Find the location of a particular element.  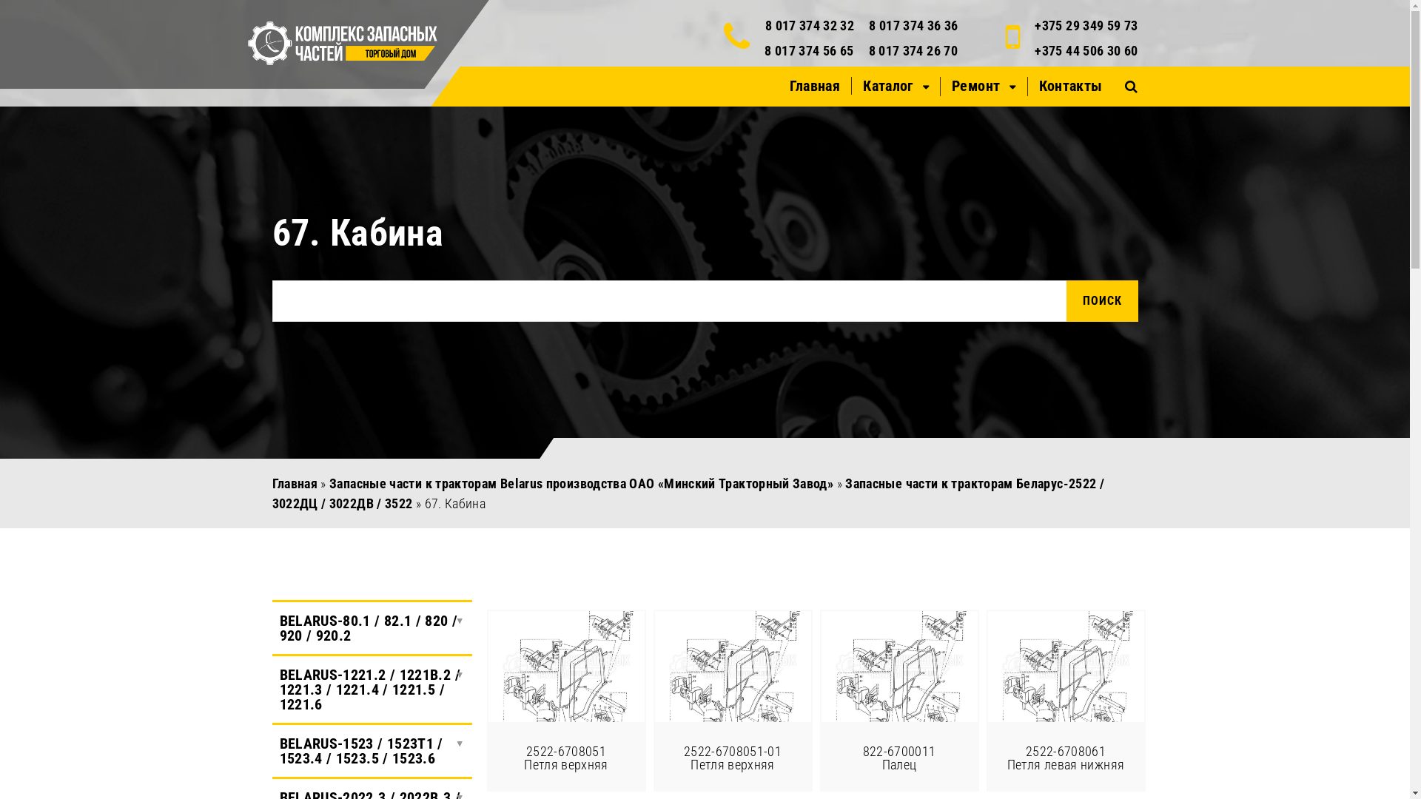

'BELARUS-1523 / 1523T1 / 1523.4 / 1523.5 / 1523.6' is located at coordinates (372, 750).